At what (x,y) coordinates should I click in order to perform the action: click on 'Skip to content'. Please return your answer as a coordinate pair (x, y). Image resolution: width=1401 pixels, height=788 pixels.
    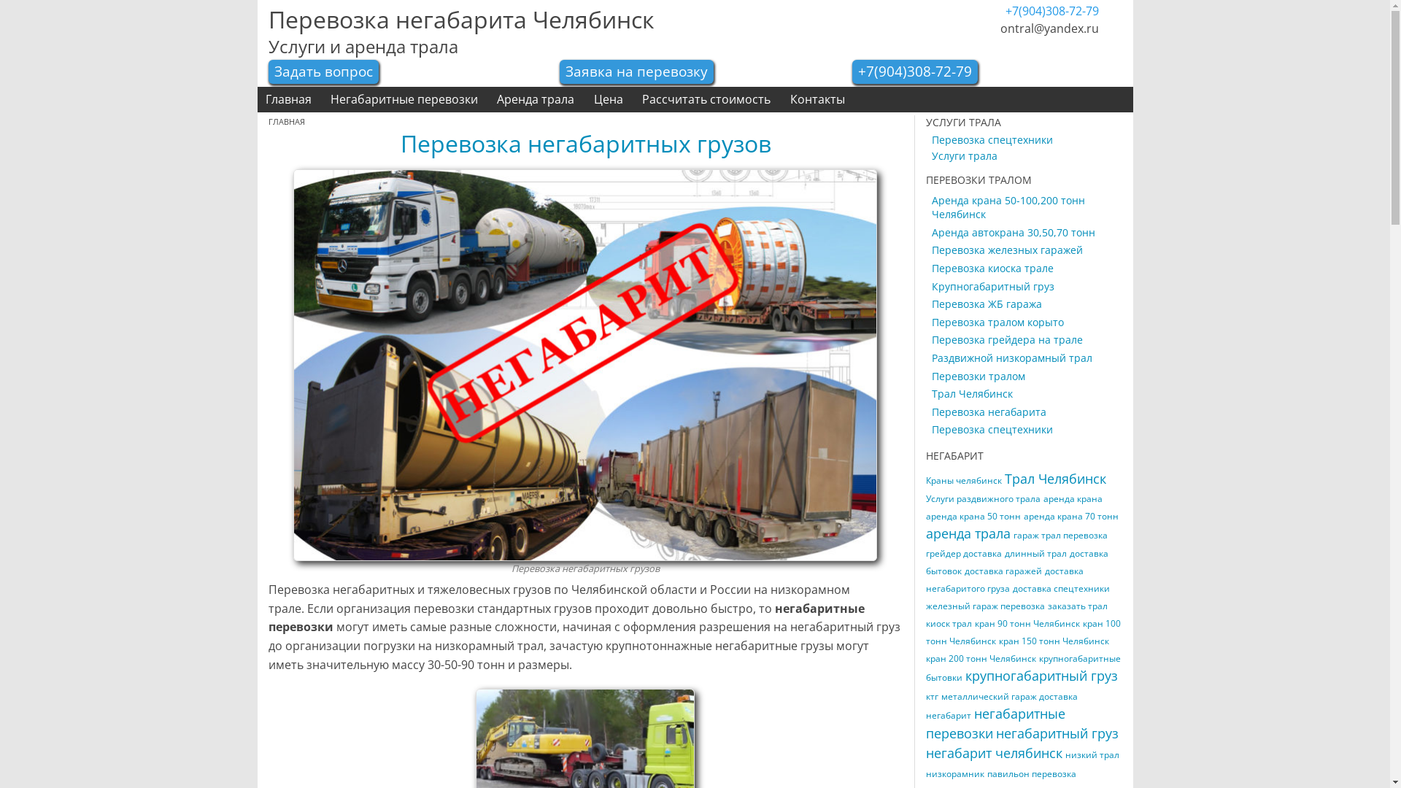
    Looking at the image, I should click on (0, 87).